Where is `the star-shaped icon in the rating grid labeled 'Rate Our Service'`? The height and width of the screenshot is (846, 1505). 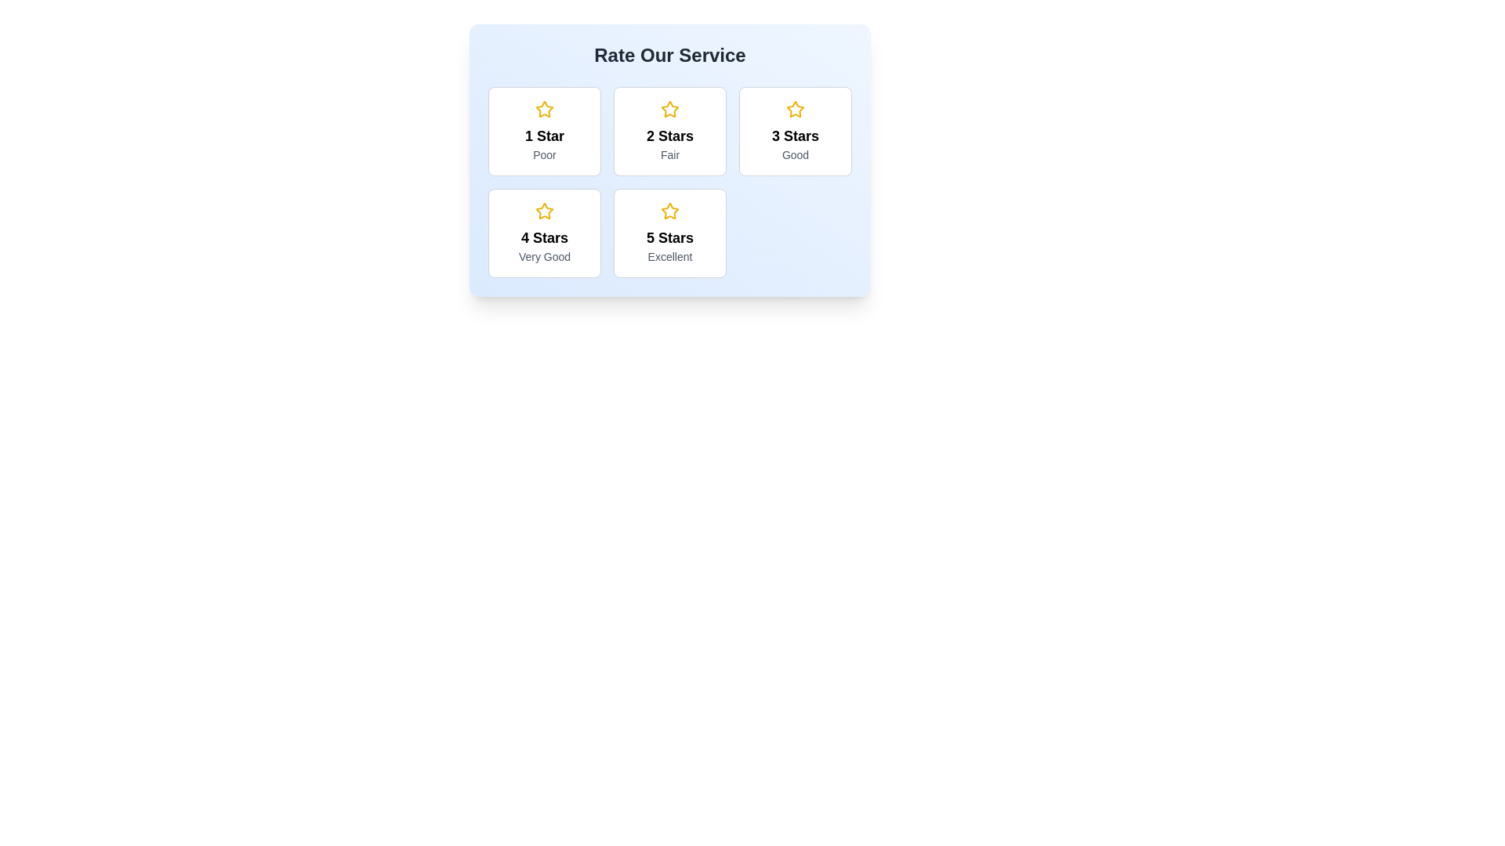 the star-shaped icon in the rating grid labeled 'Rate Our Service' is located at coordinates (545, 108).